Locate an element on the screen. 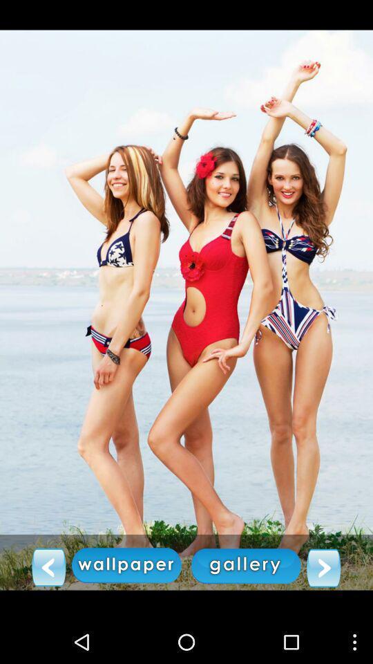 This screenshot has width=373, height=664. the arrow_forward icon is located at coordinates (323, 607).